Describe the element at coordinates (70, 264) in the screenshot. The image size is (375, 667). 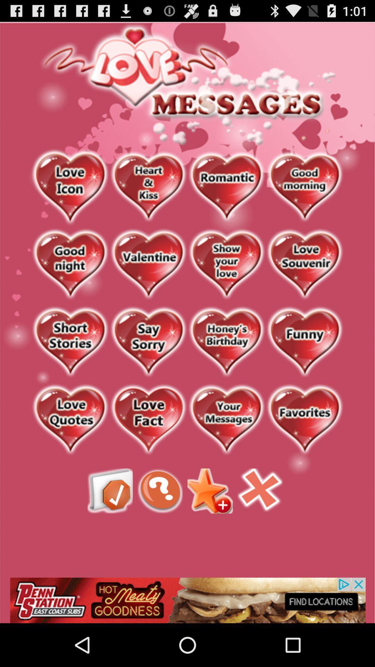
I see `good night` at that location.